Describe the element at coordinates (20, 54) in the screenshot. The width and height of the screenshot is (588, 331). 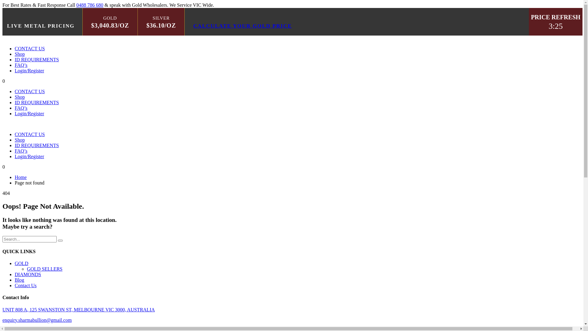
I see `'Shop'` at that location.